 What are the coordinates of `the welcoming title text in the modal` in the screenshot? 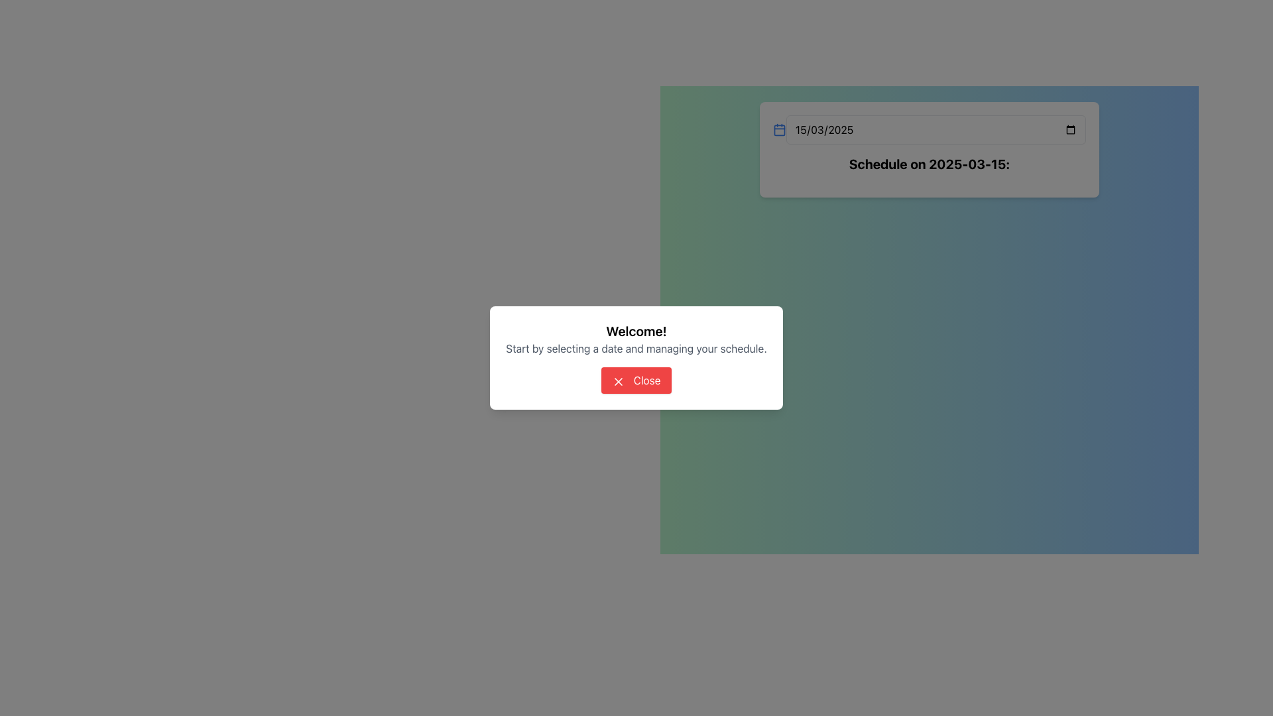 It's located at (636, 331).